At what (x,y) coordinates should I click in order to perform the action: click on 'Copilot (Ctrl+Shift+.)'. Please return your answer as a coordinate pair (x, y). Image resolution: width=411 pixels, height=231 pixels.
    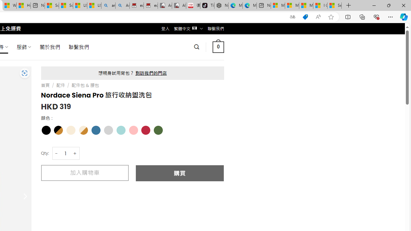
    Looking at the image, I should click on (404, 16).